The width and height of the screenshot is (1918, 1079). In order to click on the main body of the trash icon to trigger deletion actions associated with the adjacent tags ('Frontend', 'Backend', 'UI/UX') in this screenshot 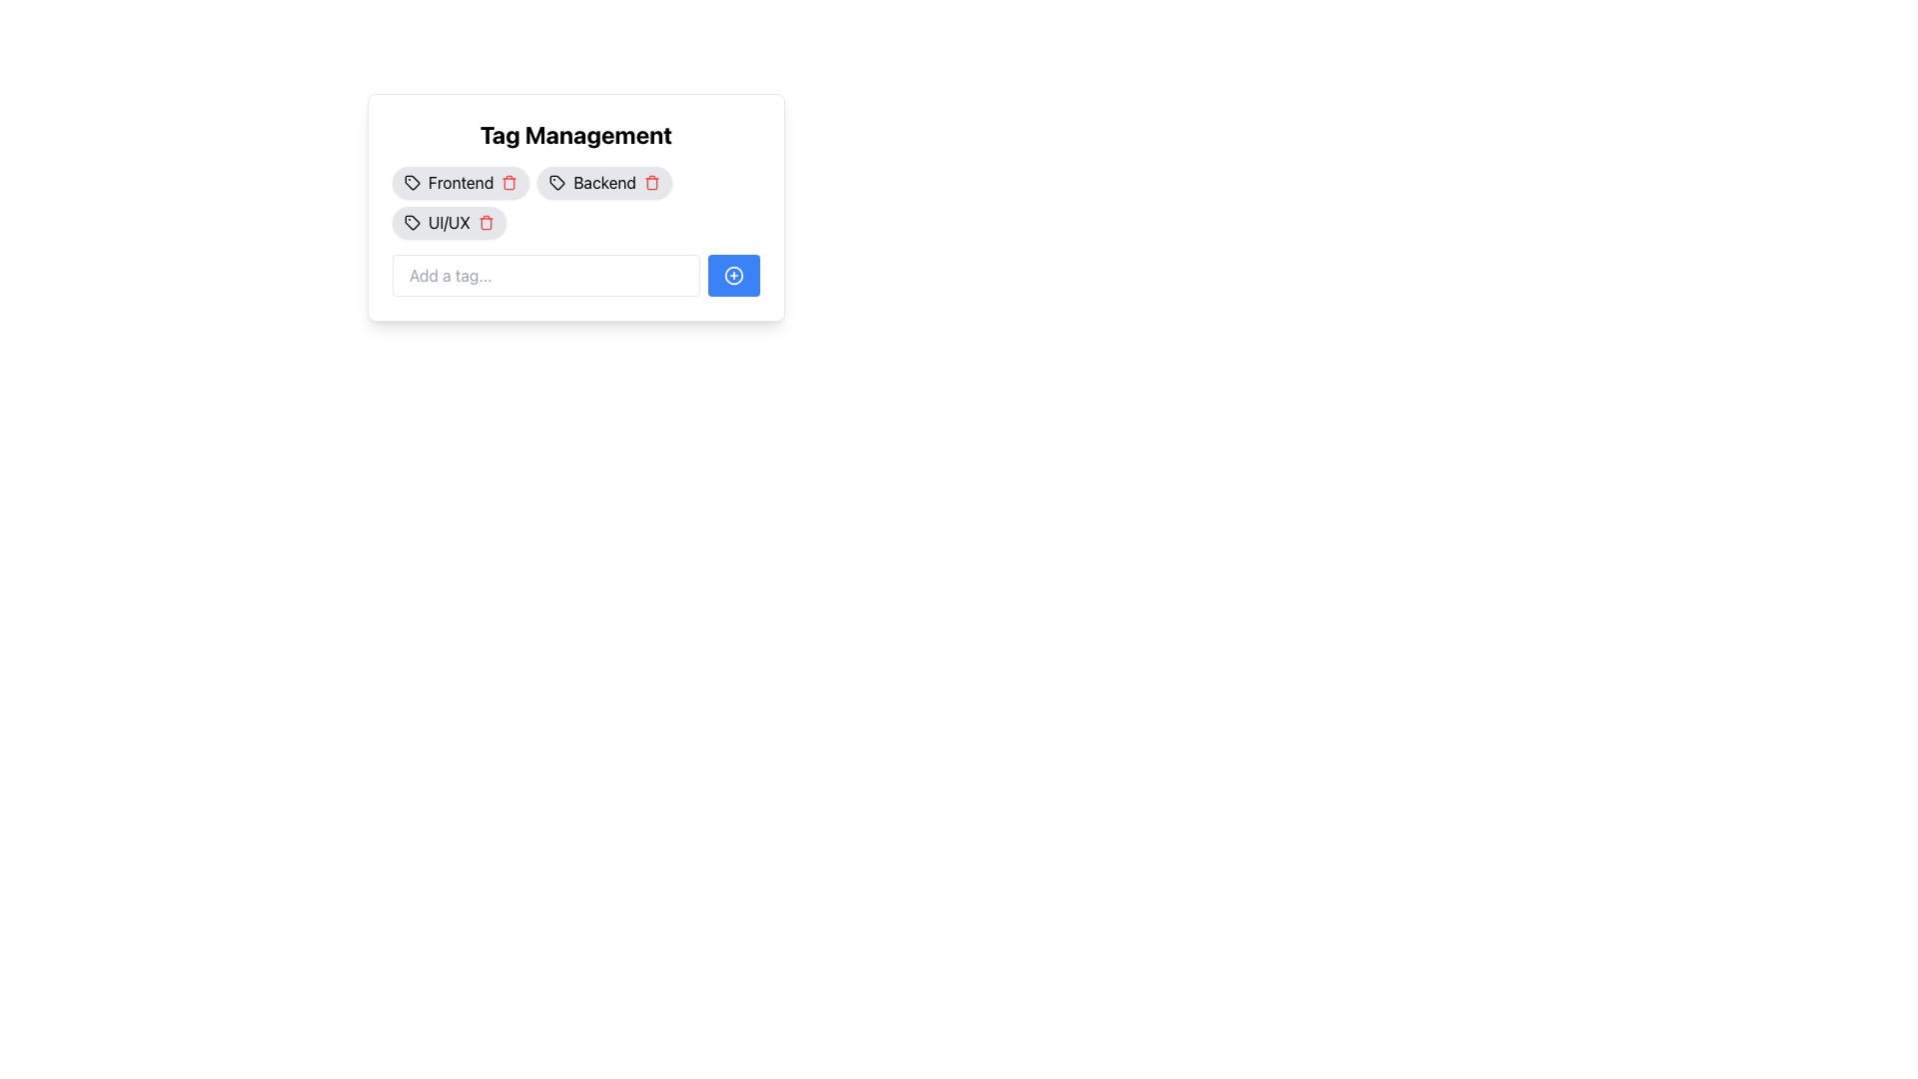, I will do `click(485, 223)`.